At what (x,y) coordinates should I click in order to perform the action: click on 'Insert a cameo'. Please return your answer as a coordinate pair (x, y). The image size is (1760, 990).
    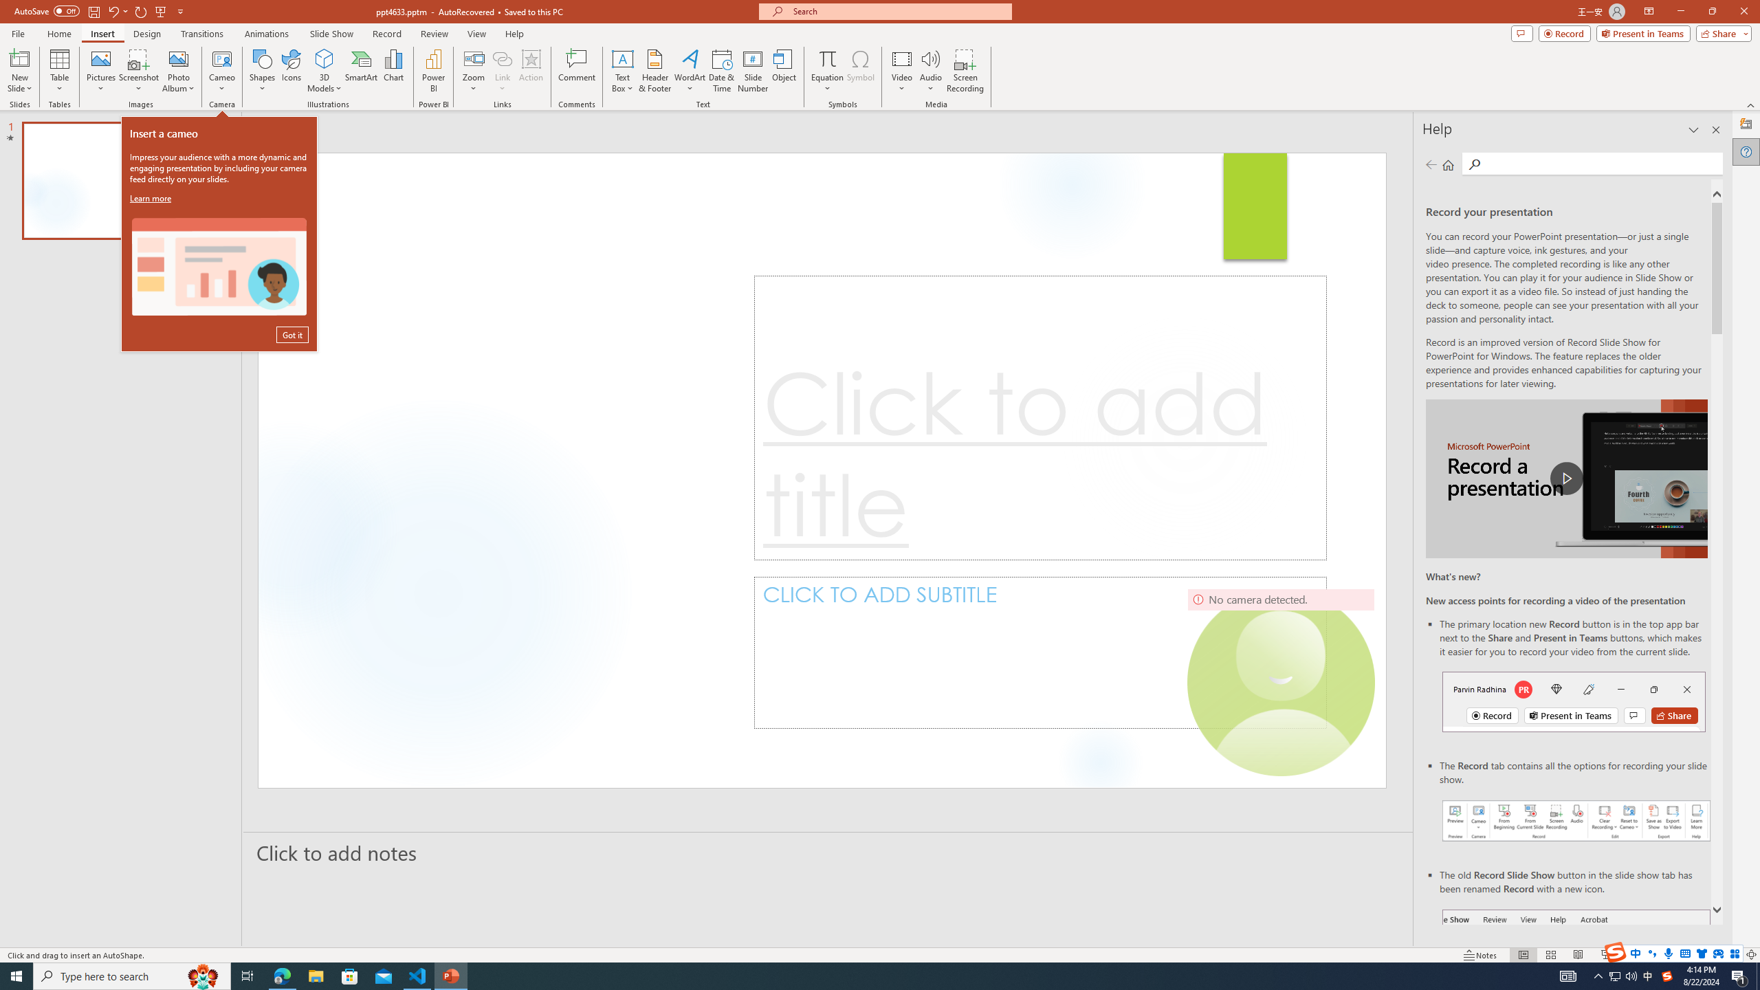
    Looking at the image, I should click on (218, 266).